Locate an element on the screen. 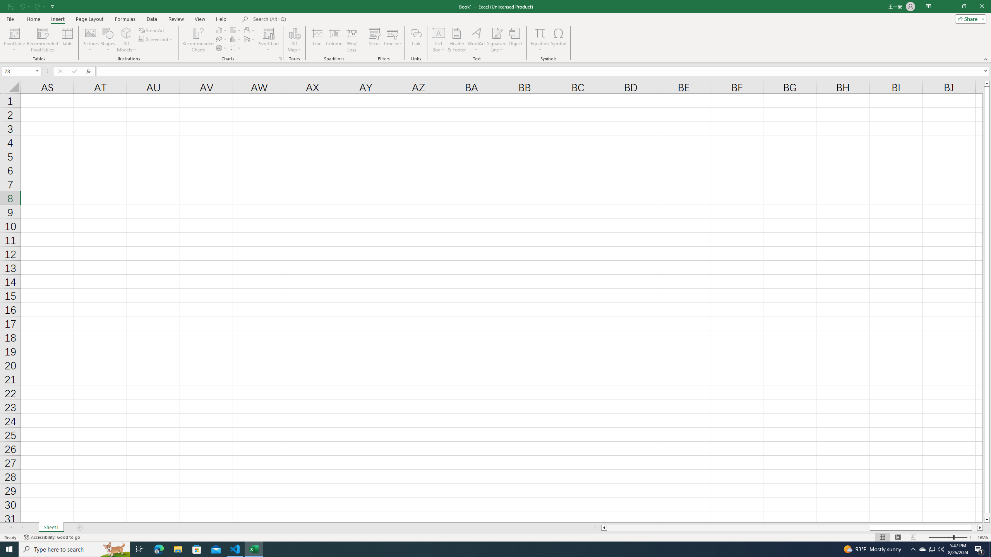  '3D Models' is located at coordinates (126, 40).